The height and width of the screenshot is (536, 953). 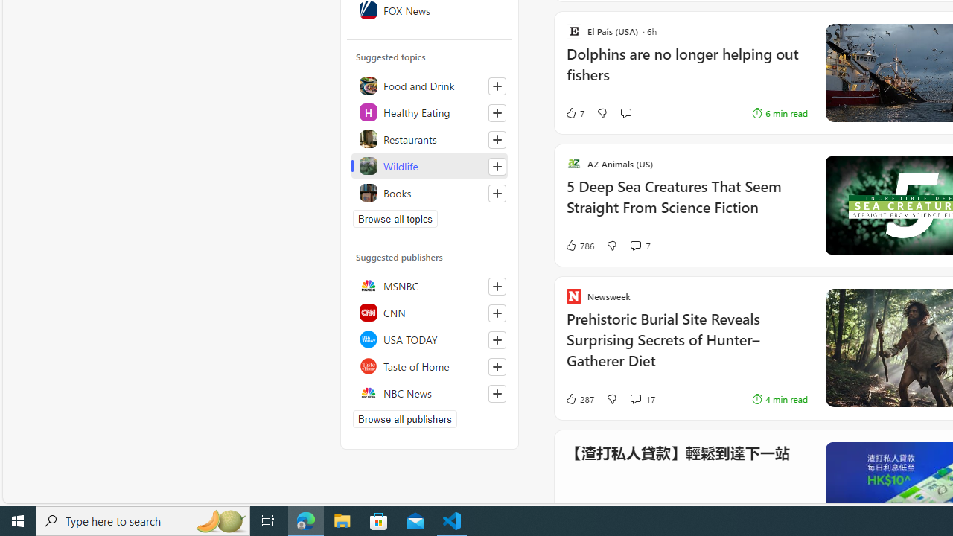 I want to click on 'CNN', so click(x=429, y=312).